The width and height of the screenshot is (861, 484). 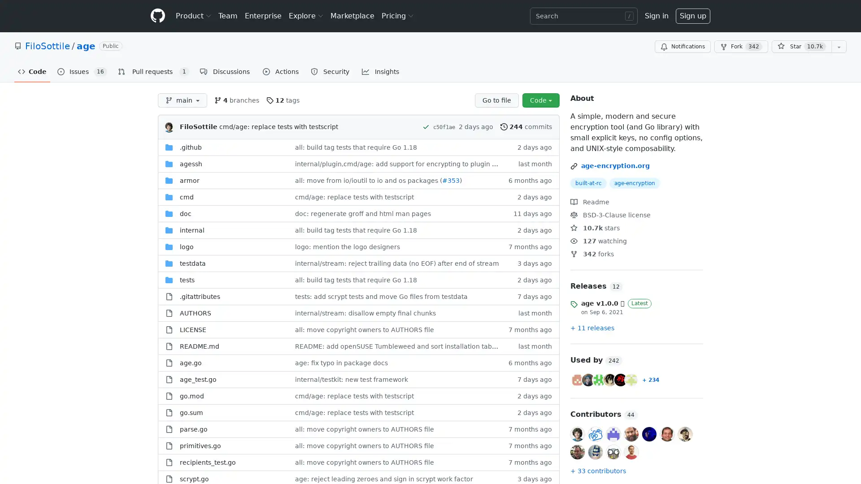 What do you see at coordinates (839, 47) in the screenshot?
I see `You must be signed in to add this repository to a list` at bounding box center [839, 47].